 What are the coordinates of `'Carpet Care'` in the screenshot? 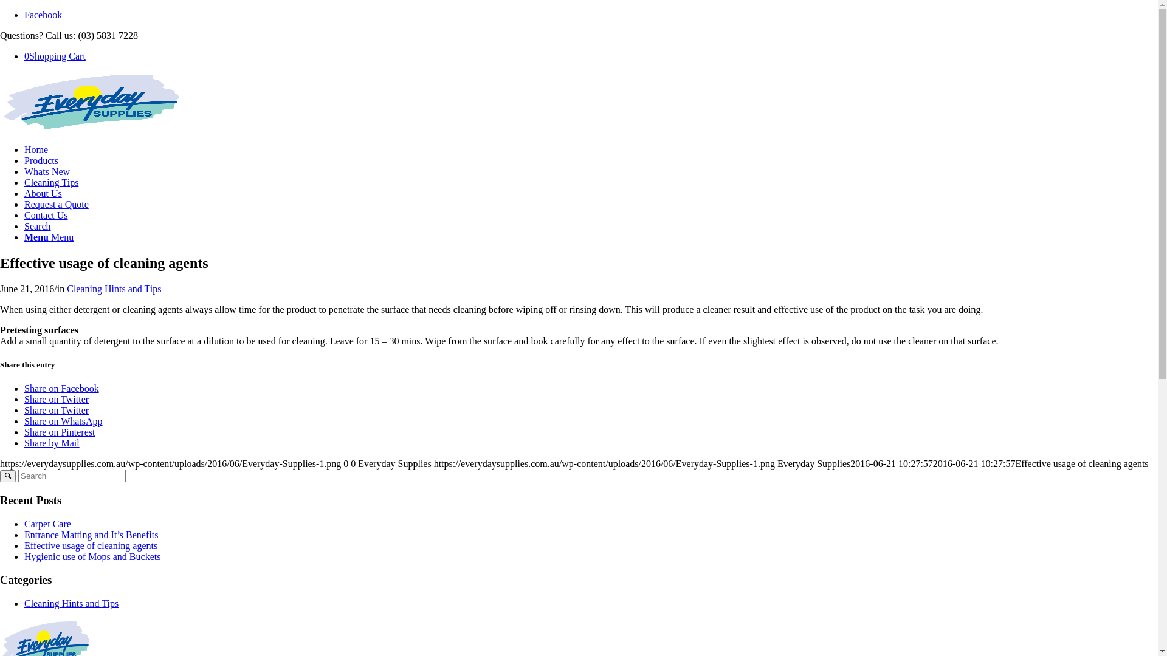 It's located at (47, 523).